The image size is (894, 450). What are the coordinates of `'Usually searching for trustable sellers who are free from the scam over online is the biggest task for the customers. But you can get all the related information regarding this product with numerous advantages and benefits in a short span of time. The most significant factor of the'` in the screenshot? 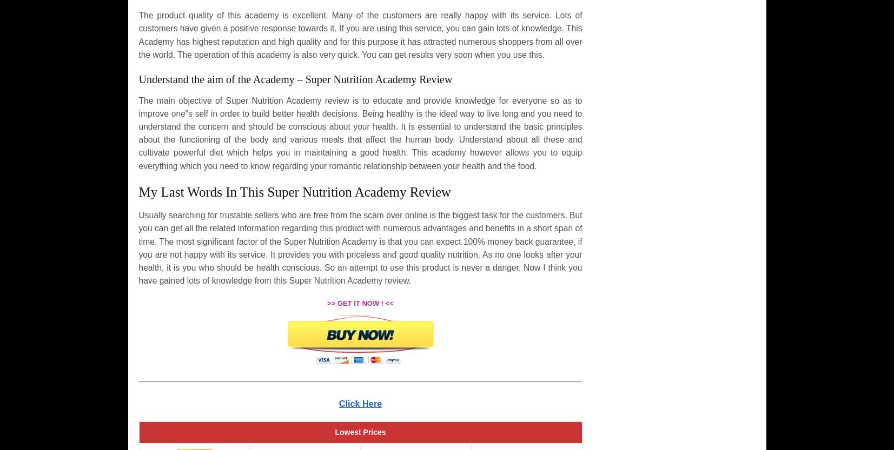 It's located at (359, 227).